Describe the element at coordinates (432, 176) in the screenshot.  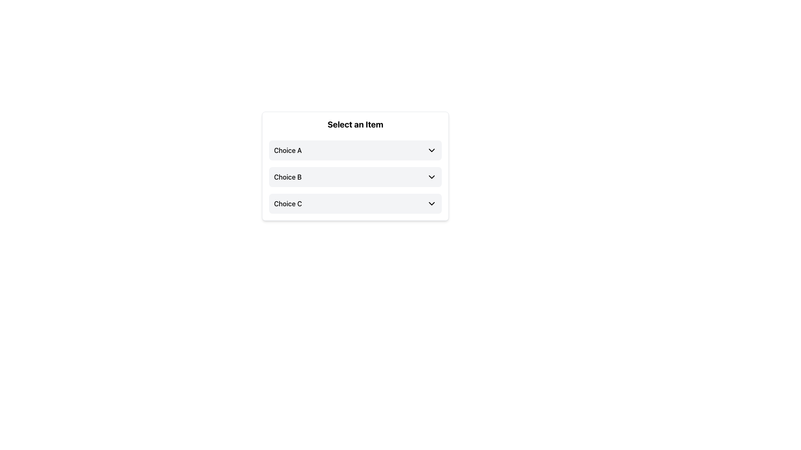
I see `the Dropdown indicator icon next to 'Choice B'` at that location.